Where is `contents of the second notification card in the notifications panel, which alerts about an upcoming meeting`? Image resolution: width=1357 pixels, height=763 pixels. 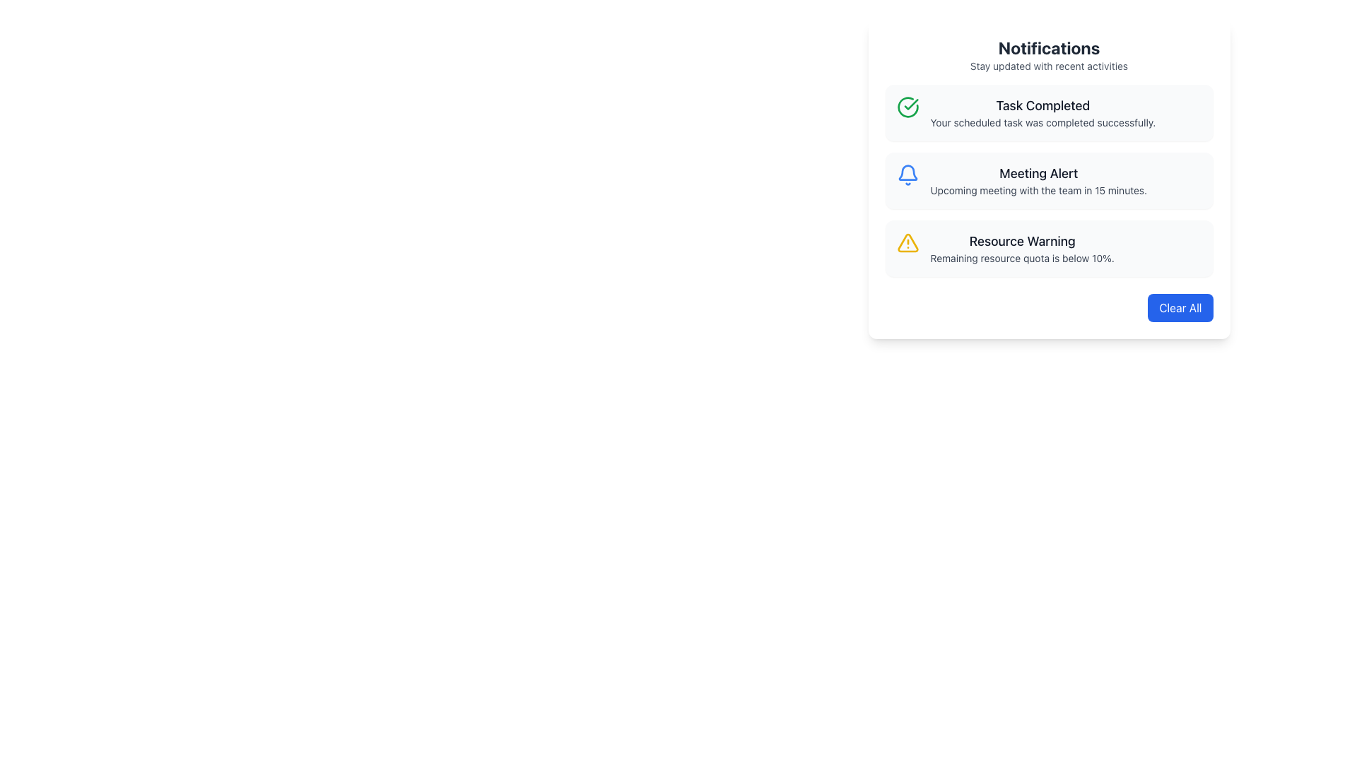
contents of the second notification card in the notifications panel, which alerts about an upcoming meeting is located at coordinates (1049, 179).